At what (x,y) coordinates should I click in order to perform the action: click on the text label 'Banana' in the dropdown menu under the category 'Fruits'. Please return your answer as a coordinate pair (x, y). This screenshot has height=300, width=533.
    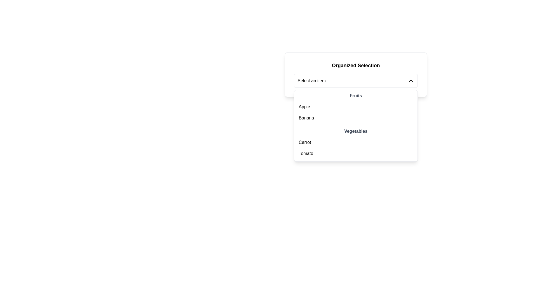
    Looking at the image, I should click on (306, 117).